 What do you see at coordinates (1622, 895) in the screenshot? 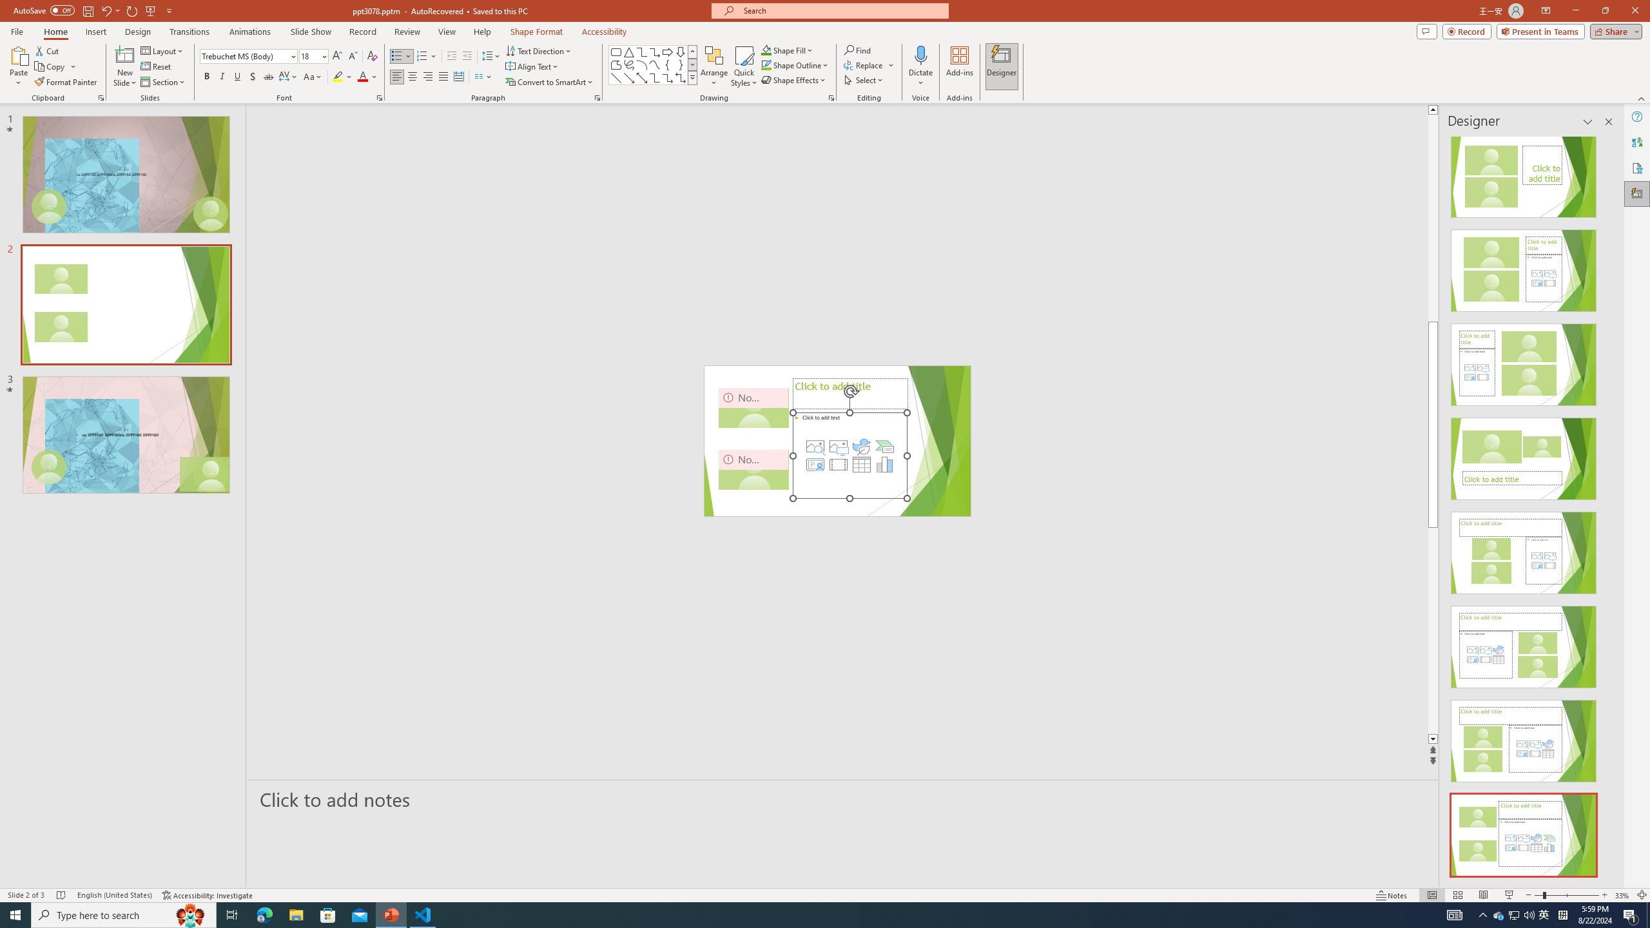
I see `'Zoom 33%'` at bounding box center [1622, 895].